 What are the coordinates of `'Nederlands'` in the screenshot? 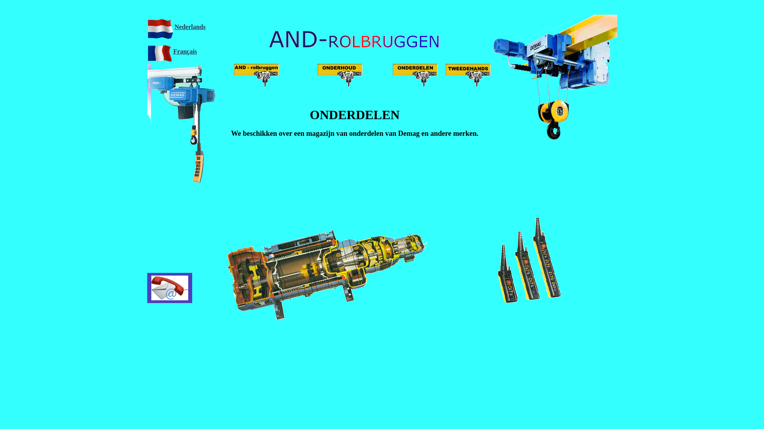 It's located at (189, 26).